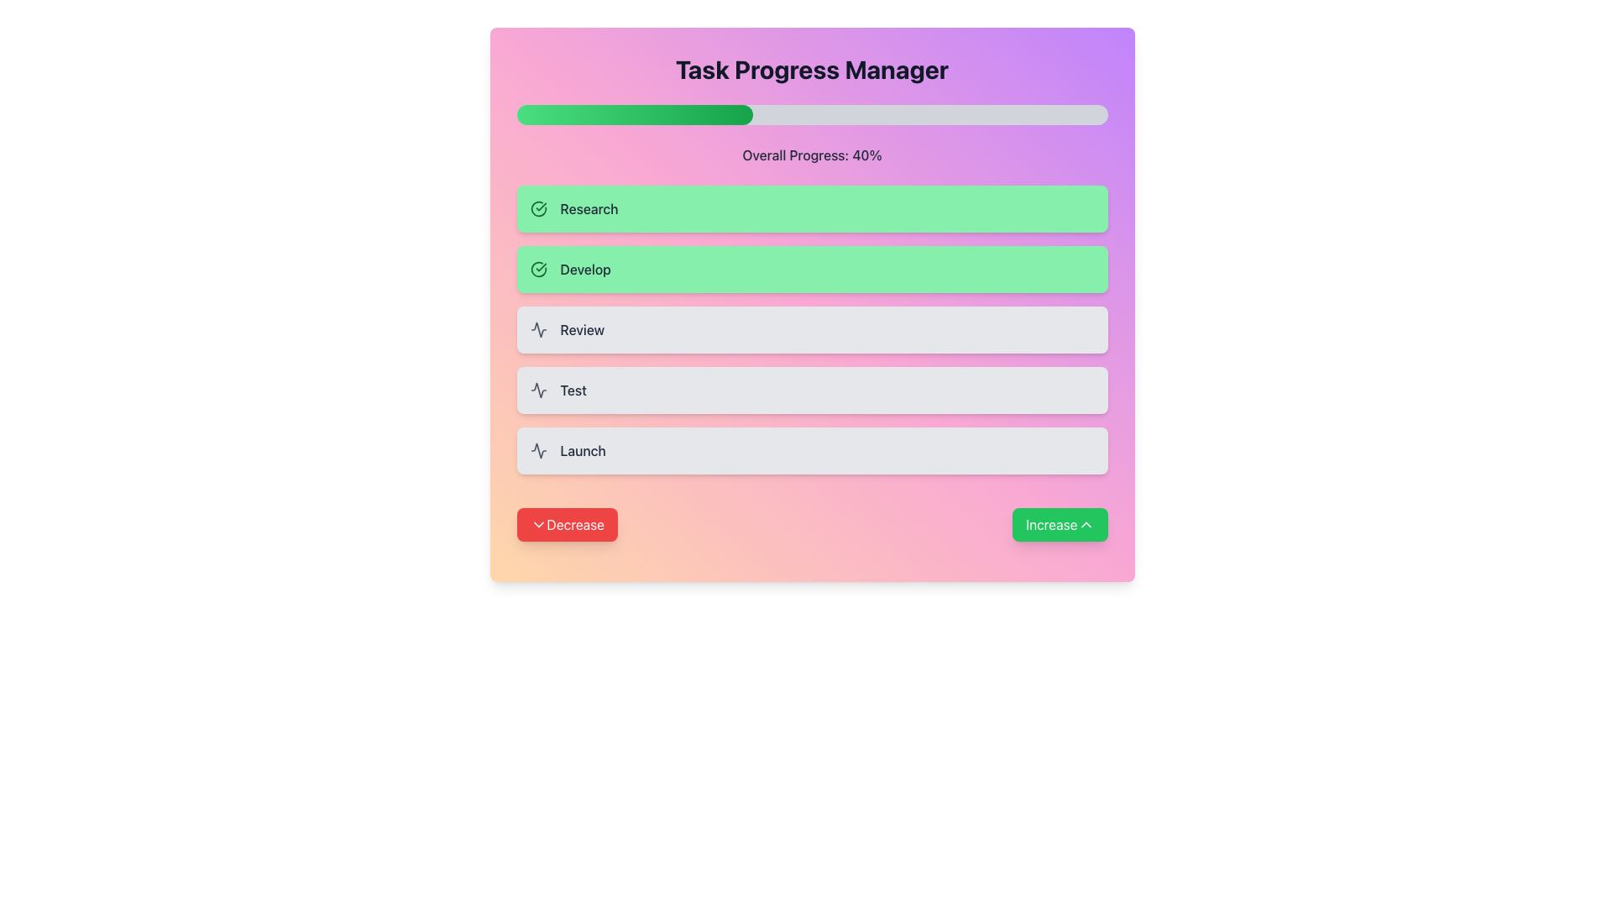 The width and height of the screenshot is (1612, 907). What do you see at coordinates (812, 155) in the screenshot?
I see `the text label that provides a numerical and descriptive representation of the ongoing task's progress, which is positioned directly beneath a horizontal progress bar` at bounding box center [812, 155].